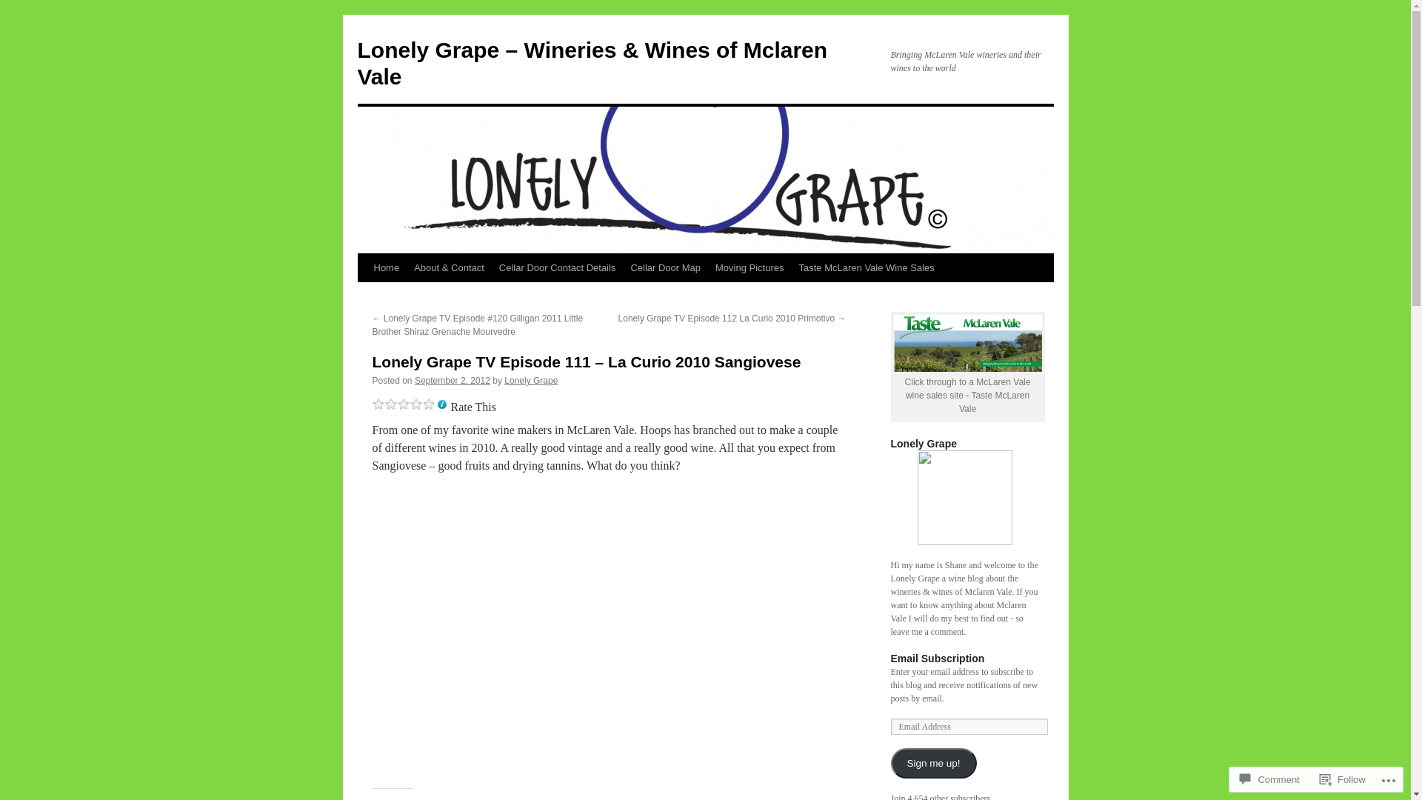  Describe the element at coordinates (557, 268) in the screenshot. I see `'Cellar Door Contact Details'` at that location.